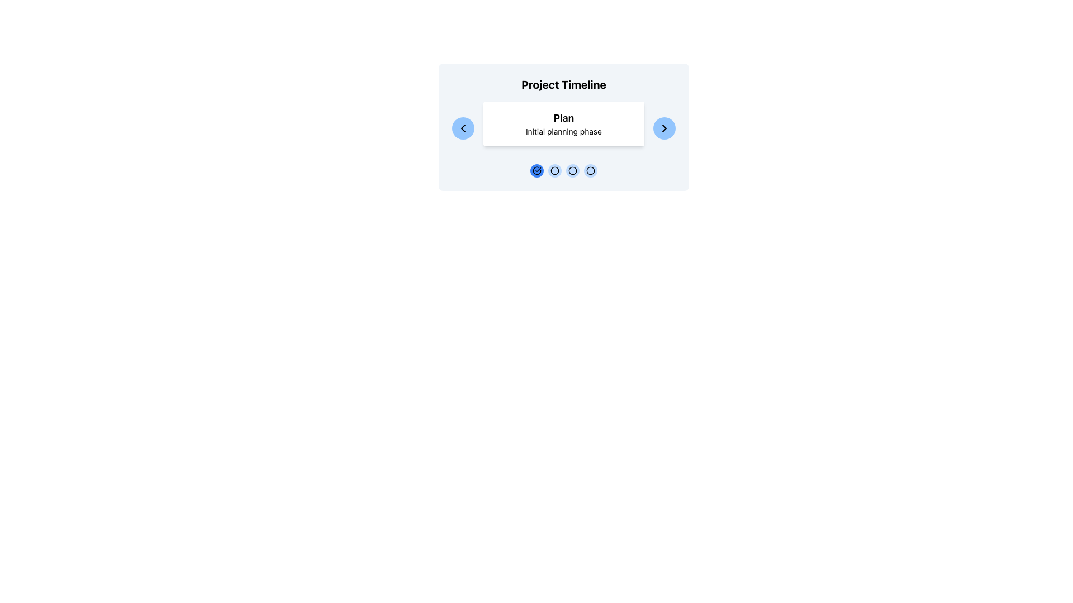 This screenshot has width=1073, height=603. I want to click on the circular blue button with a left-pointing arrow icon for keyboard accessibility purposes, so click(463, 128).